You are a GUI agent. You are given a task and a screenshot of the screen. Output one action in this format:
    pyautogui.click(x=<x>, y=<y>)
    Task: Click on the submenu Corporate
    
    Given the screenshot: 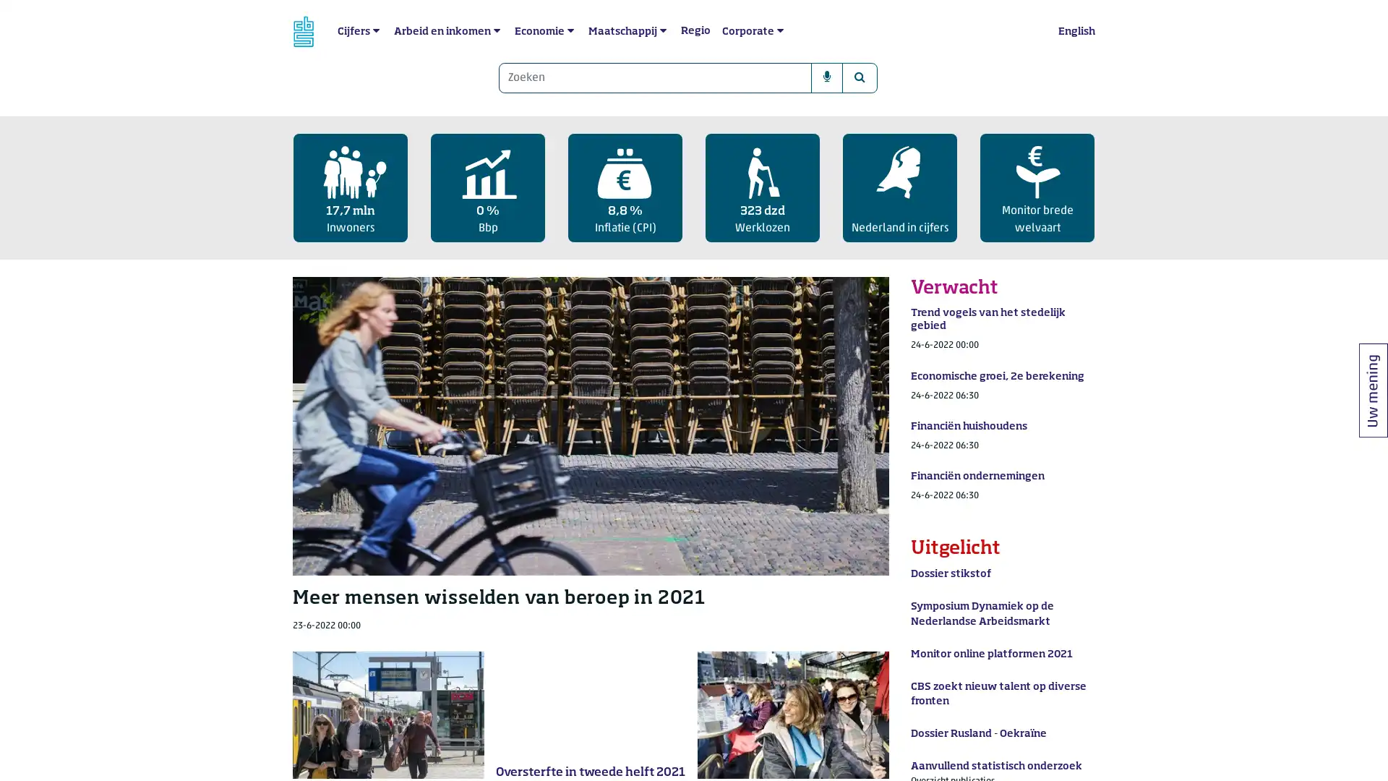 What is the action you would take?
    pyautogui.click(x=779, y=30)
    